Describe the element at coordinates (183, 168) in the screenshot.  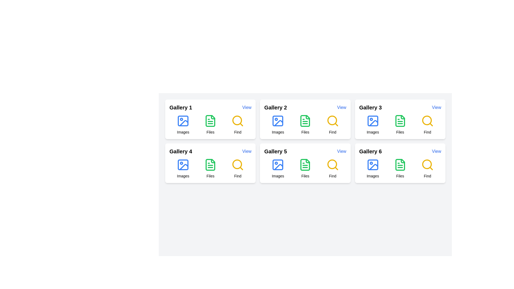
I see `the composite element representing image browsing functionalities located in the second row of the grid under 'Gallery 4'` at that location.